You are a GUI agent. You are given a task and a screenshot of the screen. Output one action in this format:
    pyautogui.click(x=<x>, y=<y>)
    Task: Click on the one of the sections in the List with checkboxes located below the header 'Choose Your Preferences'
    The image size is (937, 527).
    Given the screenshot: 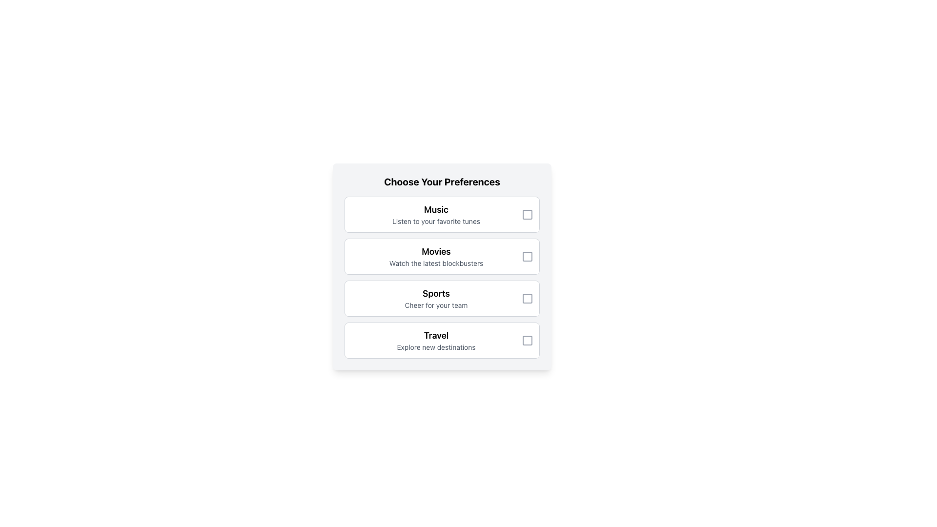 What is the action you would take?
    pyautogui.click(x=442, y=278)
    